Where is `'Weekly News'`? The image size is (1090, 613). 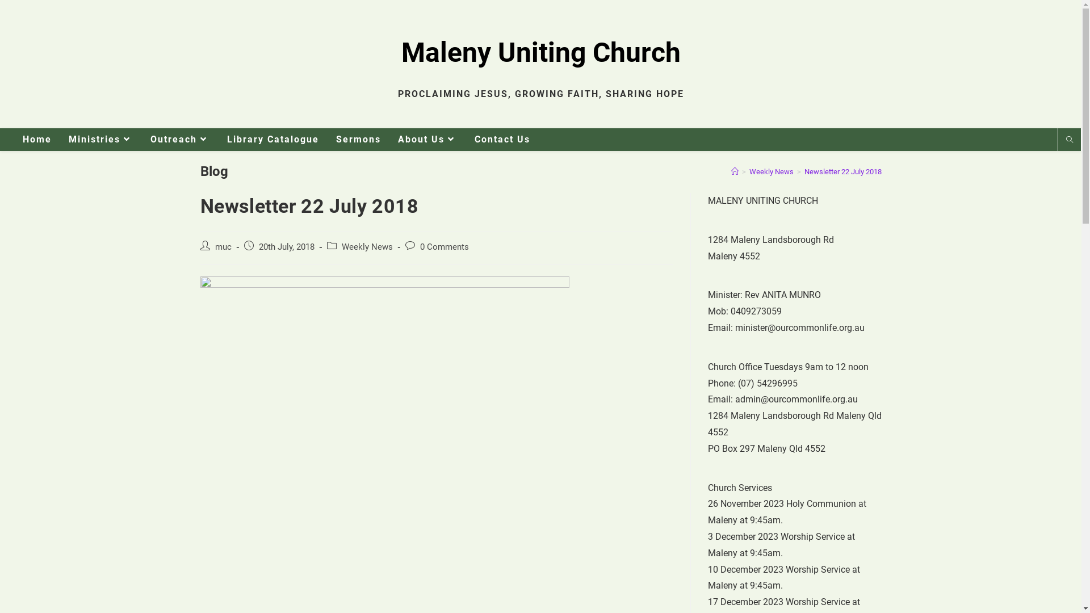 'Weekly News' is located at coordinates (771, 171).